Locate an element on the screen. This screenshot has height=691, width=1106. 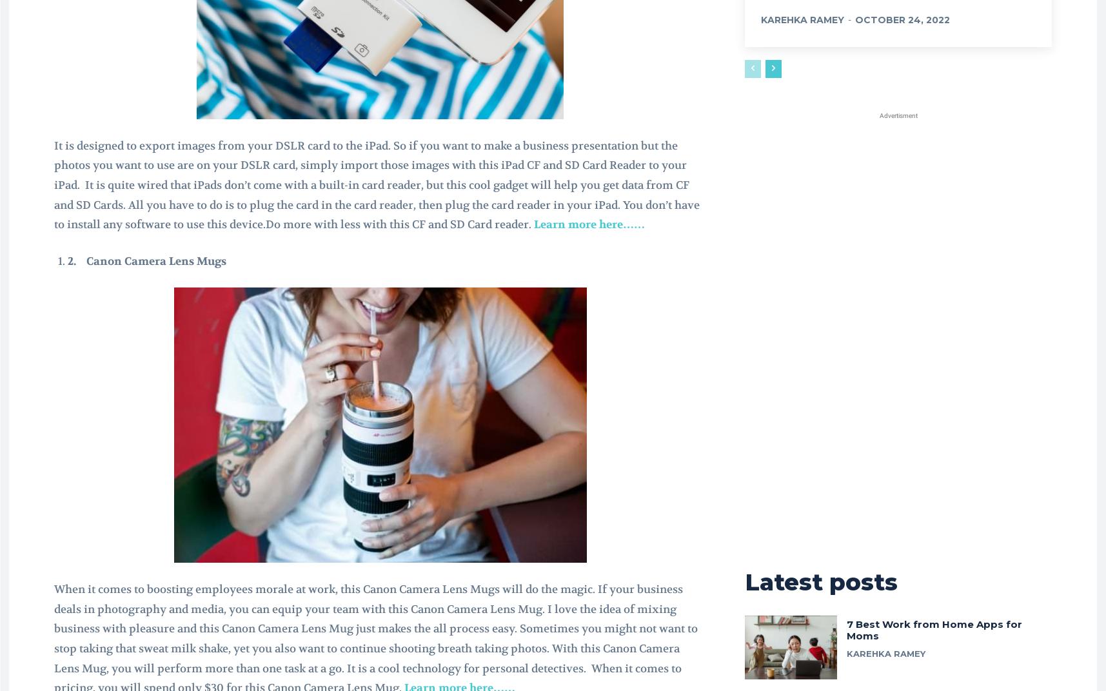
'7 Best Work from Home Apps for Moms' is located at coordinates (846, 628).